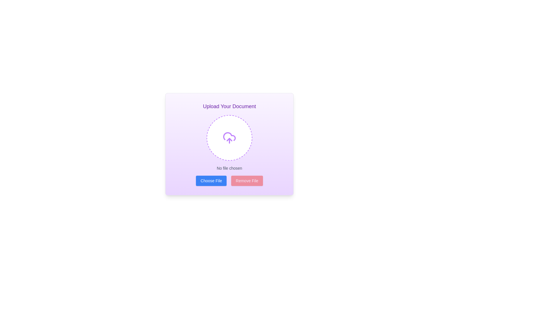 The height and width of the screenshot is (309, 550). Describe the element at coordinates (229, 138) in the screenshot. I see `the vibrant purple cloud icon with an upward arrow, located in the dashed circular border at the top of the upload interface, to interact with the upload functionality` at that location.